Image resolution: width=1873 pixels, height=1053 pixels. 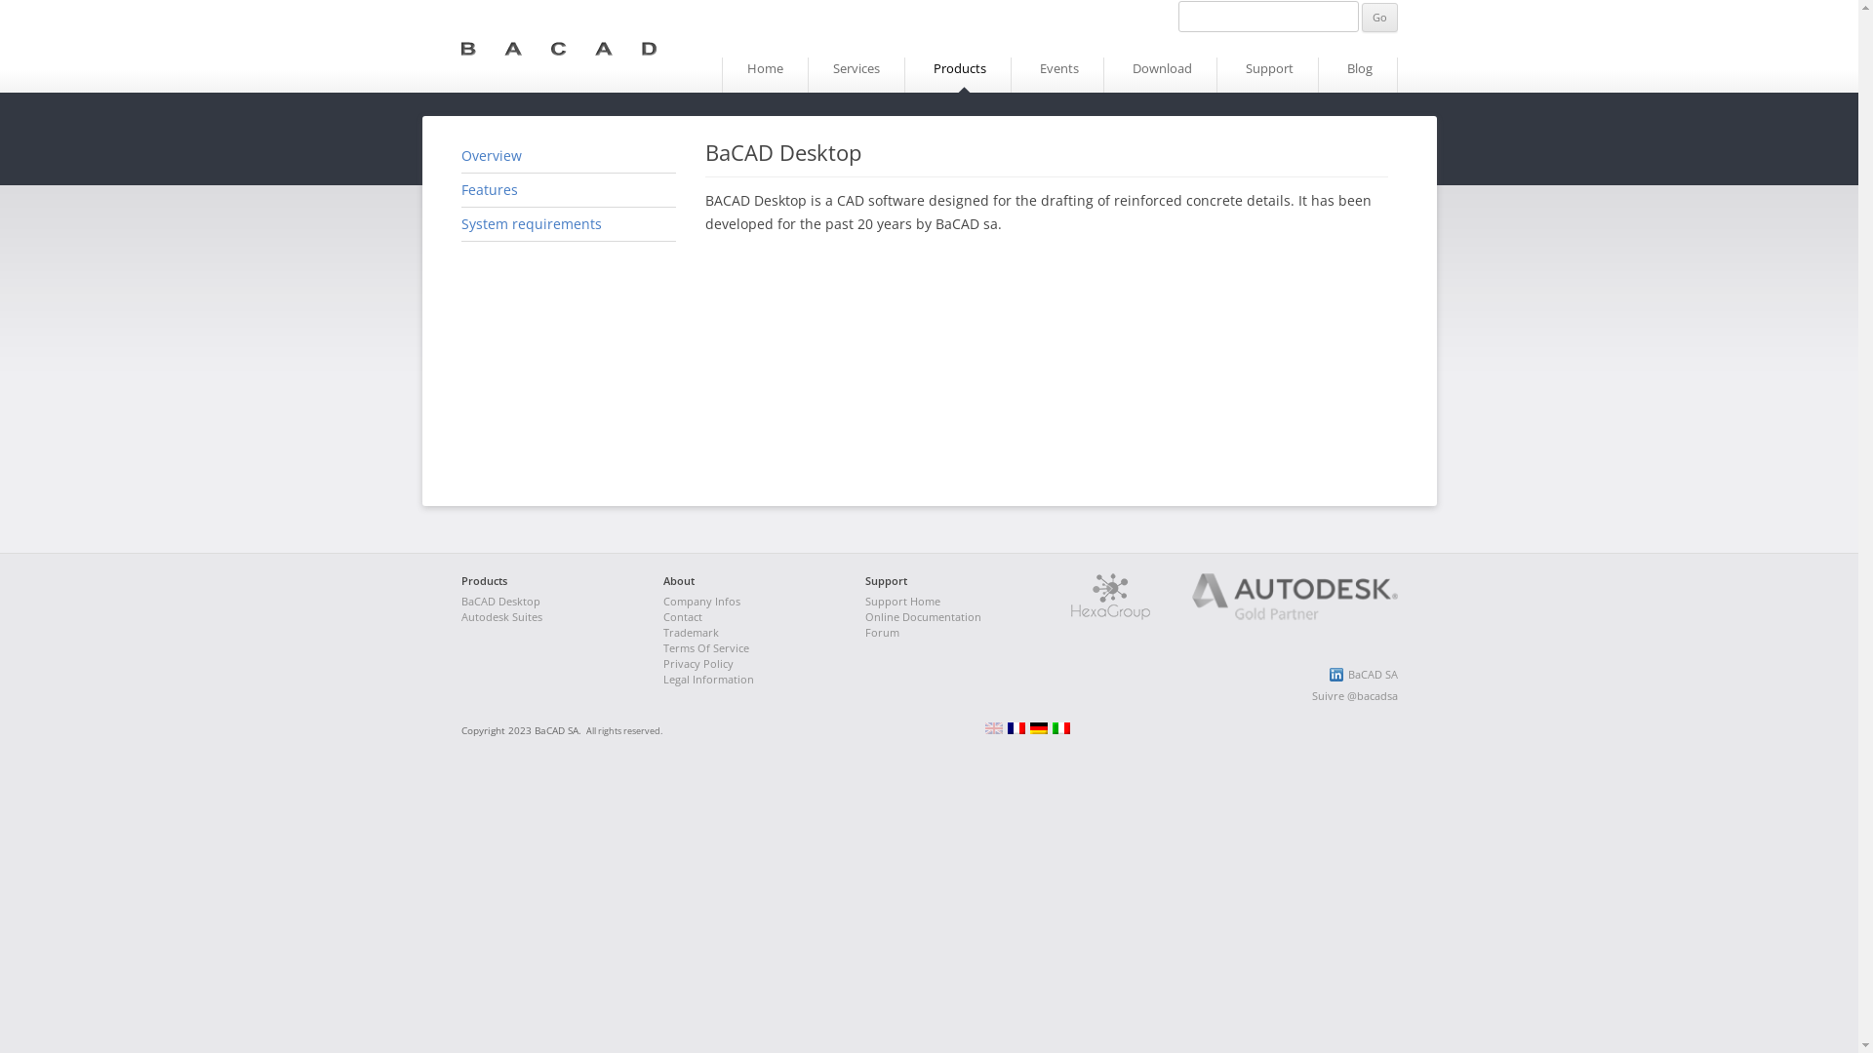 I want to click on 'Forum', so click(x=881, y=632).